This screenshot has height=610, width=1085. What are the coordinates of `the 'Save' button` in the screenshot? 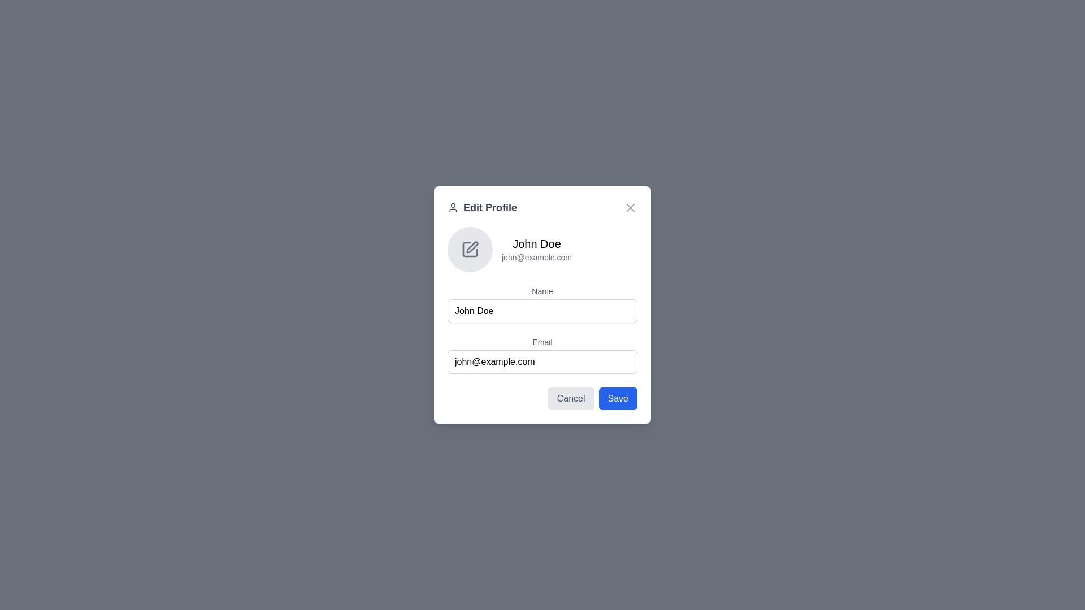 It's located at (617, 398).